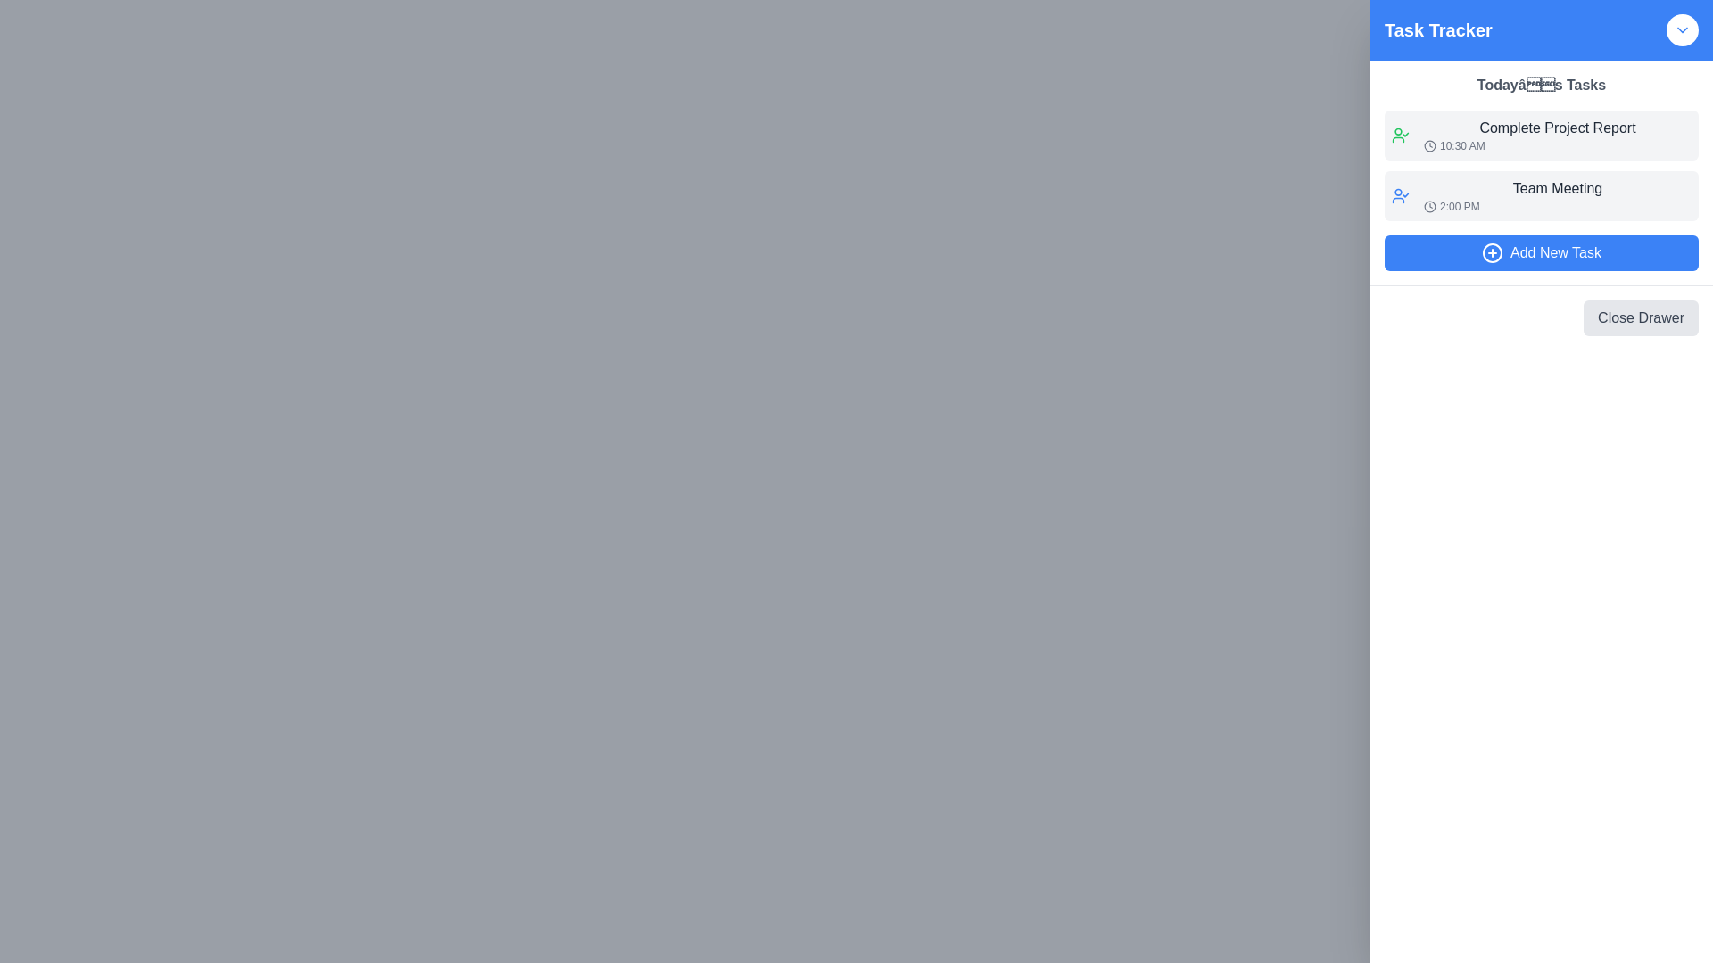 The width and height of the screenshot is (1713, 963). I want to click on the circular '+' icon with a blue background located to the left of the 'Add New Task' text in the button, so click(1493, 253).